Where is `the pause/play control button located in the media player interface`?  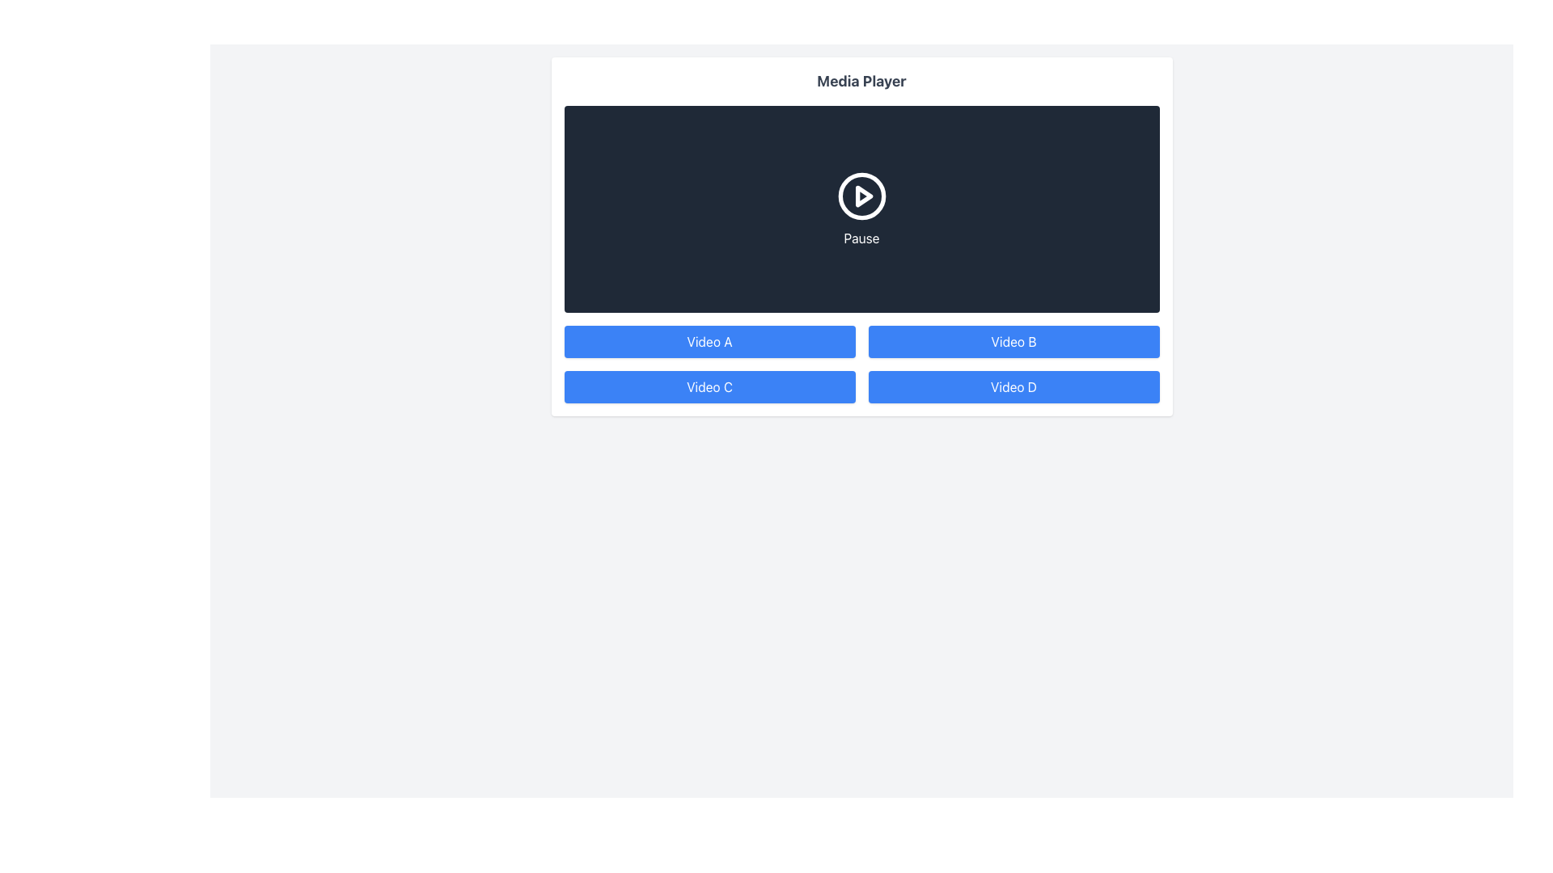 the pause/play control button located in the media player interface is located at coordinates (861, 208).